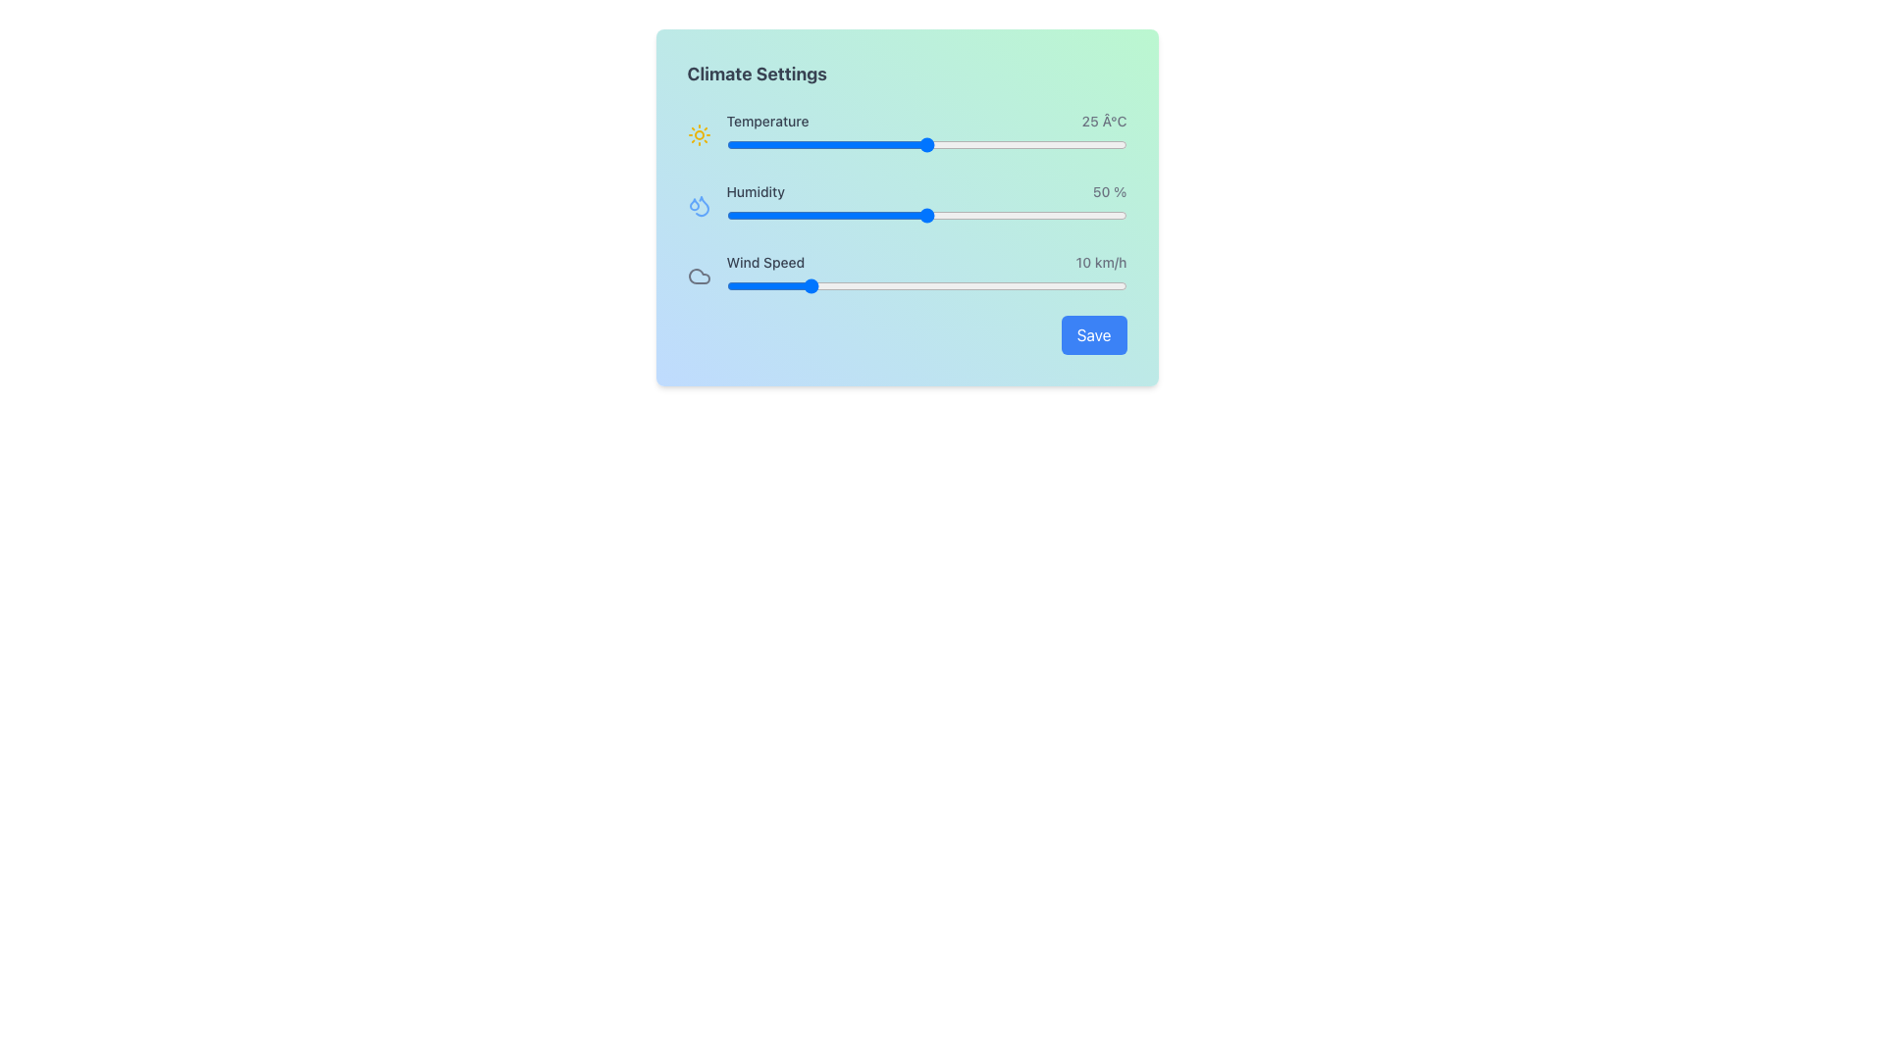 This screenshot has height=1059, width=1884. Describe the element at coordinates (951, 286) in the screenshot. I see `wind speed` at that location.